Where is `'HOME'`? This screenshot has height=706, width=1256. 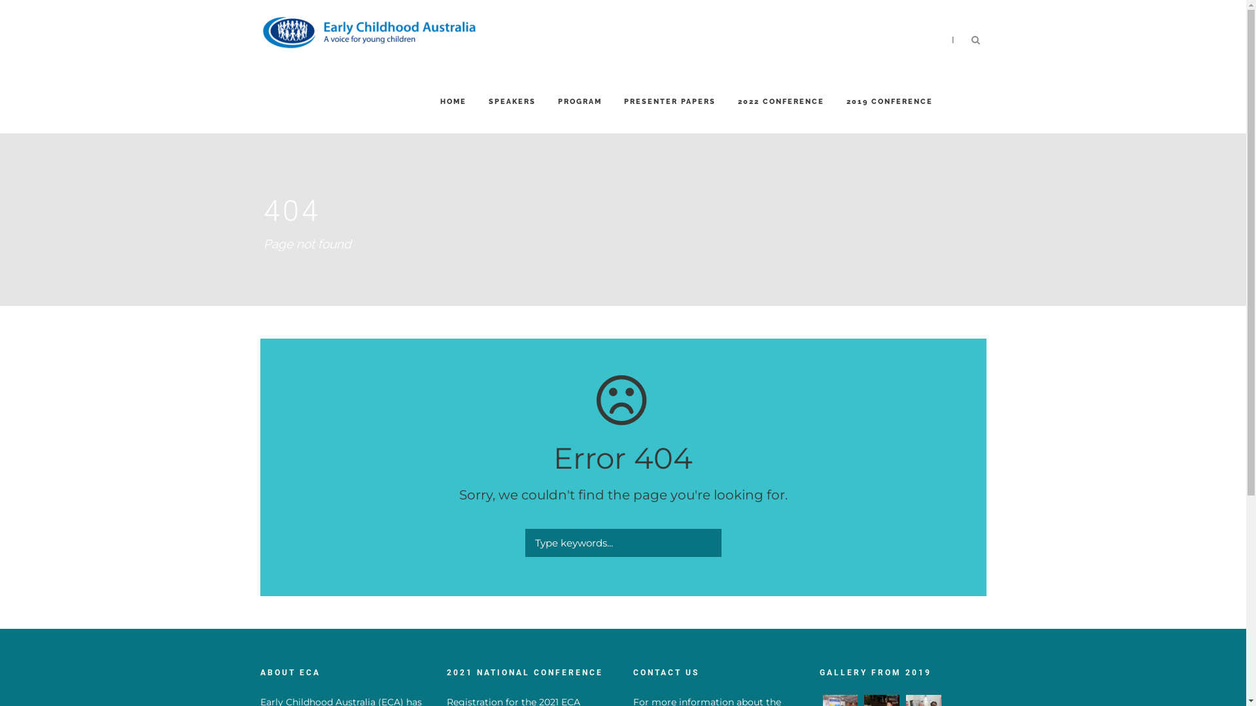 'HOME' is located at coordinates (452, 114).